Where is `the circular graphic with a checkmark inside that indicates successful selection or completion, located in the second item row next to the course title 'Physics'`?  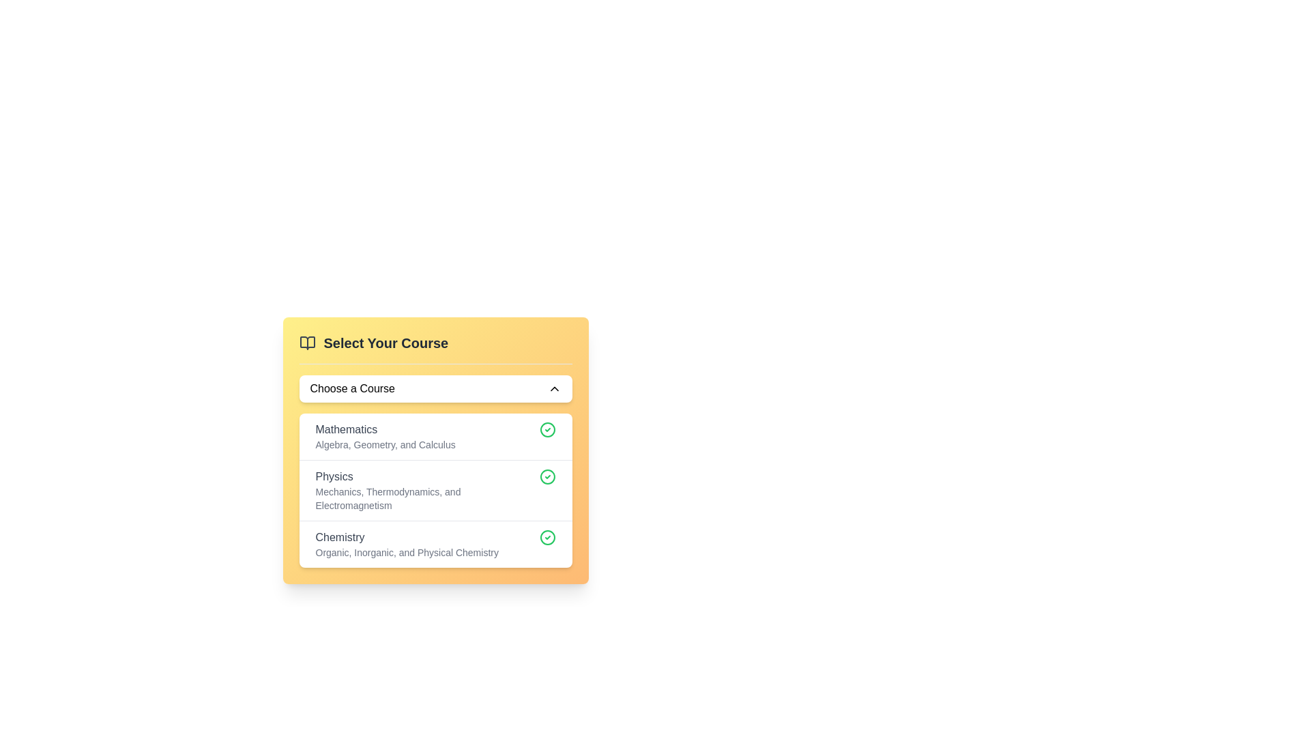 the circular graphic with a checkmark inside that indicates successful selection or completion, located in the second item row next to the course title 'Physics' is located at coordinates (547, 429).